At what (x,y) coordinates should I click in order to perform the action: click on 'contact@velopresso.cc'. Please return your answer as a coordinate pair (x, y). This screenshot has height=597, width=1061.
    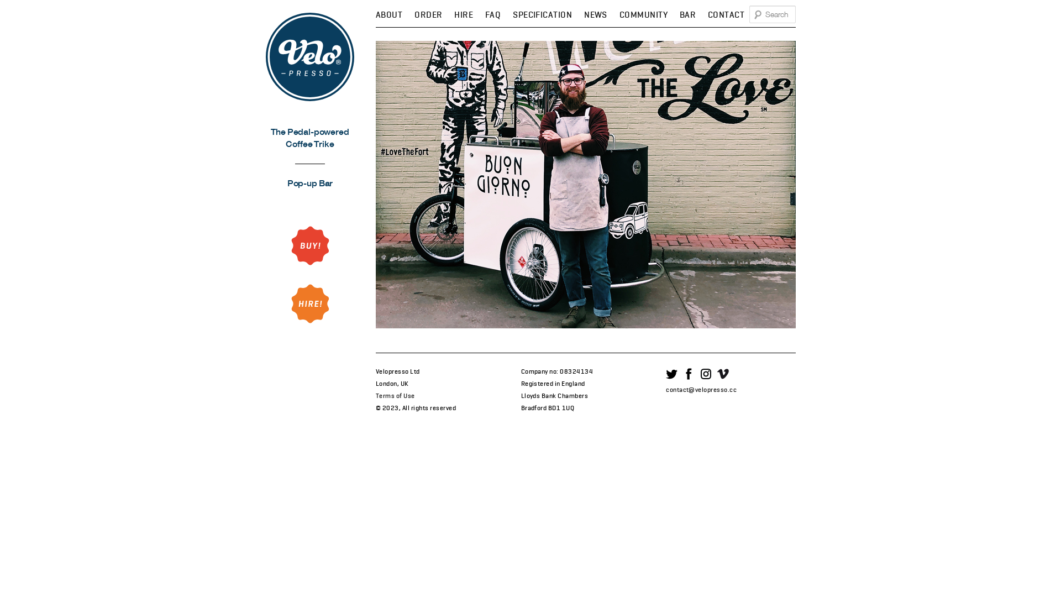
    Looking at the image, I should click on (700, 389).